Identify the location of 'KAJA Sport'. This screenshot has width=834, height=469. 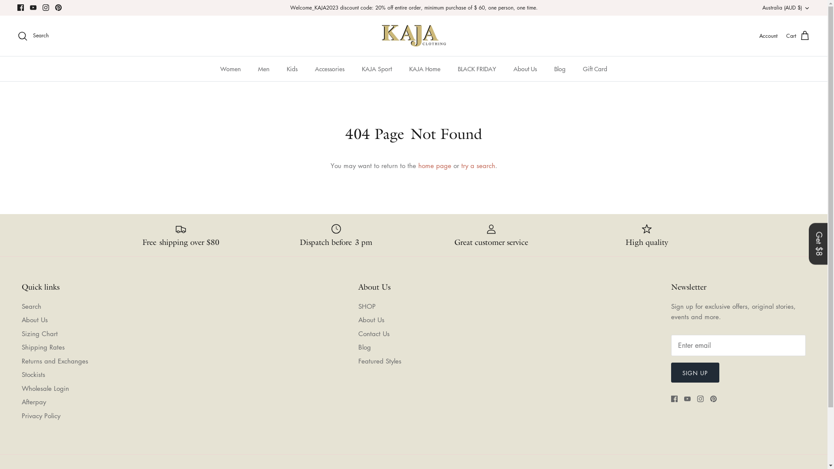
(377, 68).